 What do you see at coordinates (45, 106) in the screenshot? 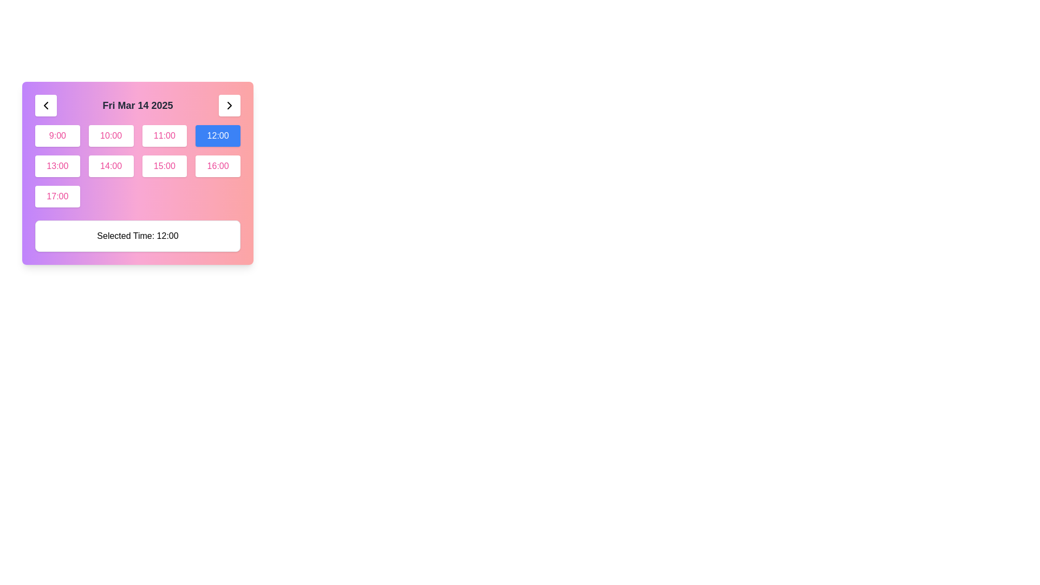
I see `the small rectangular button with a white background and a left-pointing chevron icon` at bounding box center [45, 106].